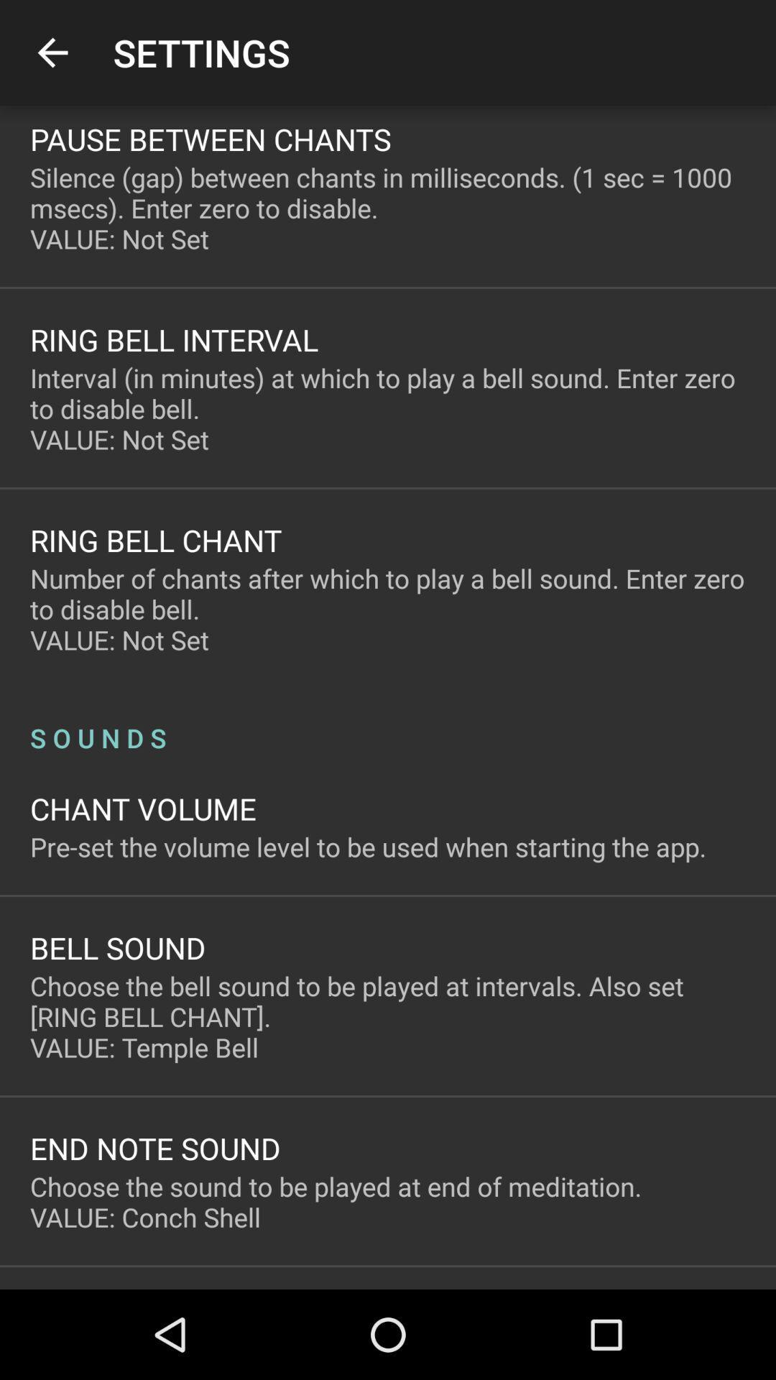 This screenshot has width=776, height=1380. What do you see at coordinates (388, 207) in the screenshot?
I see `silence gap between icon` at bounding box center [388, 207].